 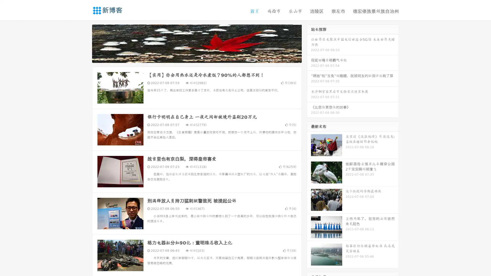 What do you see at coordinates (309, 43) in the screenshot?
I see `Next slide` at bounding box center [309, 43].